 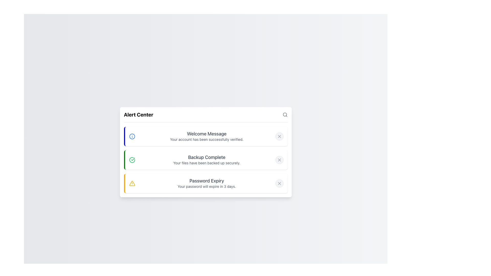 I want to click on the 'X' icon inside the circular close button located at the top-right corner of the 'Backup Complete' alert card, so click(x=279, y=159).